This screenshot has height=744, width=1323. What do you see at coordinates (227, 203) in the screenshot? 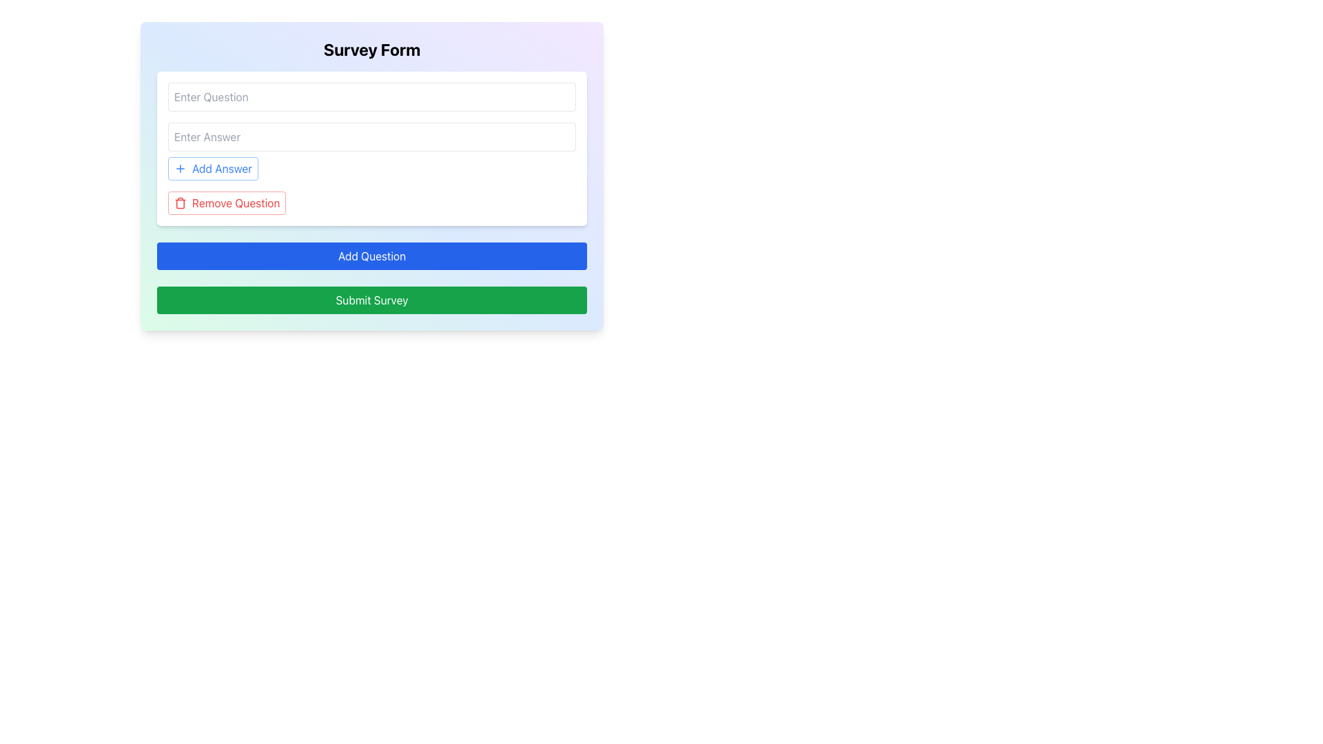
I see `the delete button for keyboard accessibility` at bounding box center [227, 203].